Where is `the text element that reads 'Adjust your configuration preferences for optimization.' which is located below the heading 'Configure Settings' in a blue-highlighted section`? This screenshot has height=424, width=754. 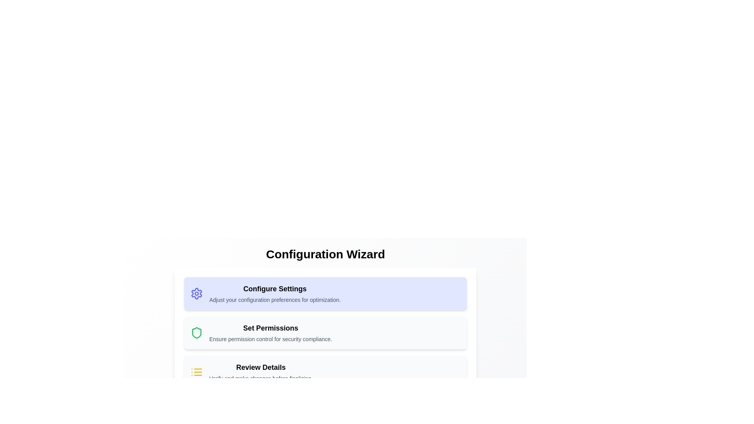
the text element that reads 'Adjust your configuration preferences for optimization.' which is located below the heading 'Configure Settings' in a blue-highlighted section is located at coordinates (275, 300).